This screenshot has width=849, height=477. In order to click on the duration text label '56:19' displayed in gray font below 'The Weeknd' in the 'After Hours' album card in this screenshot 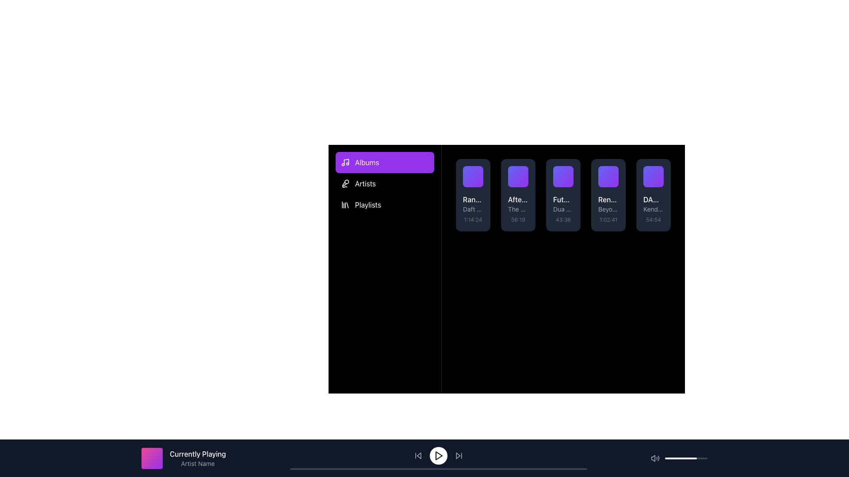, I will do `click(518, 219)`.